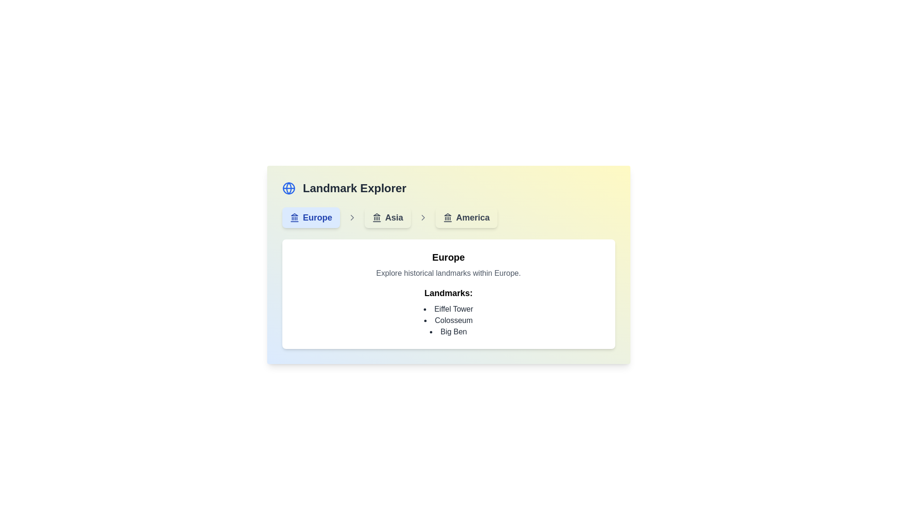  What do you see at coordinates (288, 188) in the screenshot?
I see `the SVG circle shape that is part of the globe icon preceding the 'Landmark Explorer' text` at bounding box center [288, 188].